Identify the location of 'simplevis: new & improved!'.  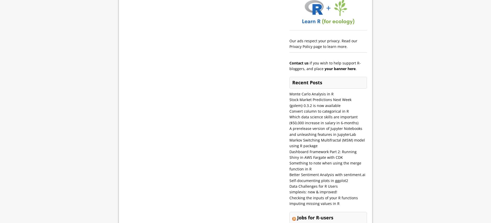
(313, 192).